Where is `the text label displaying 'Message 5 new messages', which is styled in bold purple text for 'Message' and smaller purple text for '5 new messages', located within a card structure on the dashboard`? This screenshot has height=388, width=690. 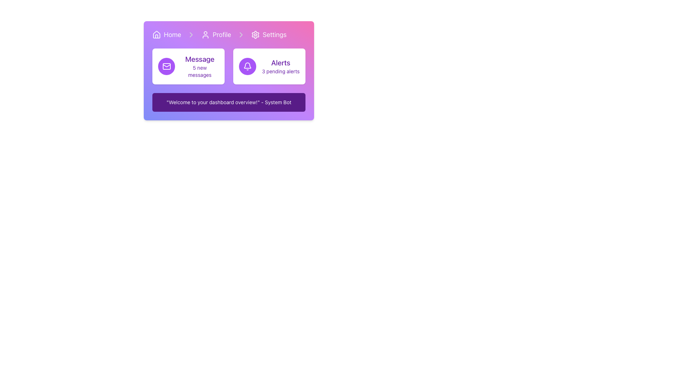
the text label displaying 'Message 5 new messages', which is styled in bold purple text for 'Message' and smaller purple text for '5 new messages', located within a card structure on the dashboard is located at coordinates (200, 66).